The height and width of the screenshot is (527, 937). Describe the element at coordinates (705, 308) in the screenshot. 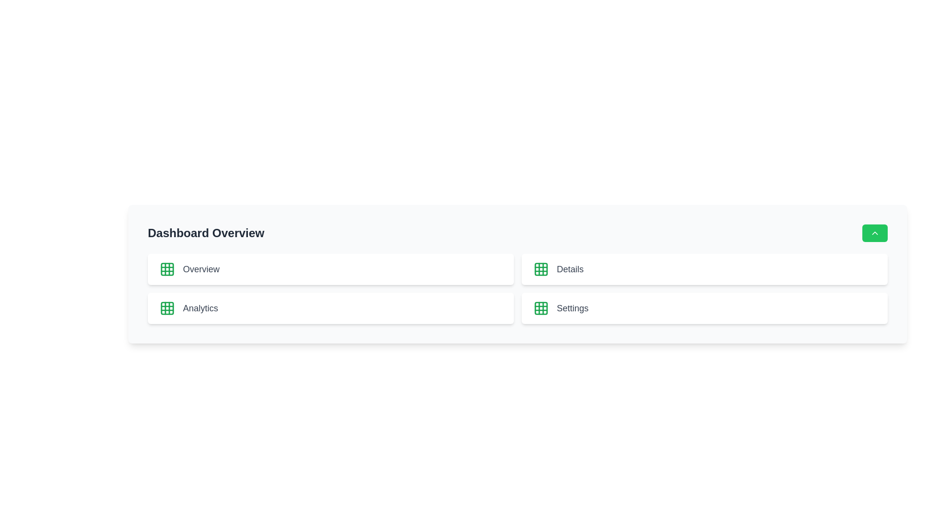

I see `the 'Settings' card located in the lower-right corner of the grid layout` at that location.